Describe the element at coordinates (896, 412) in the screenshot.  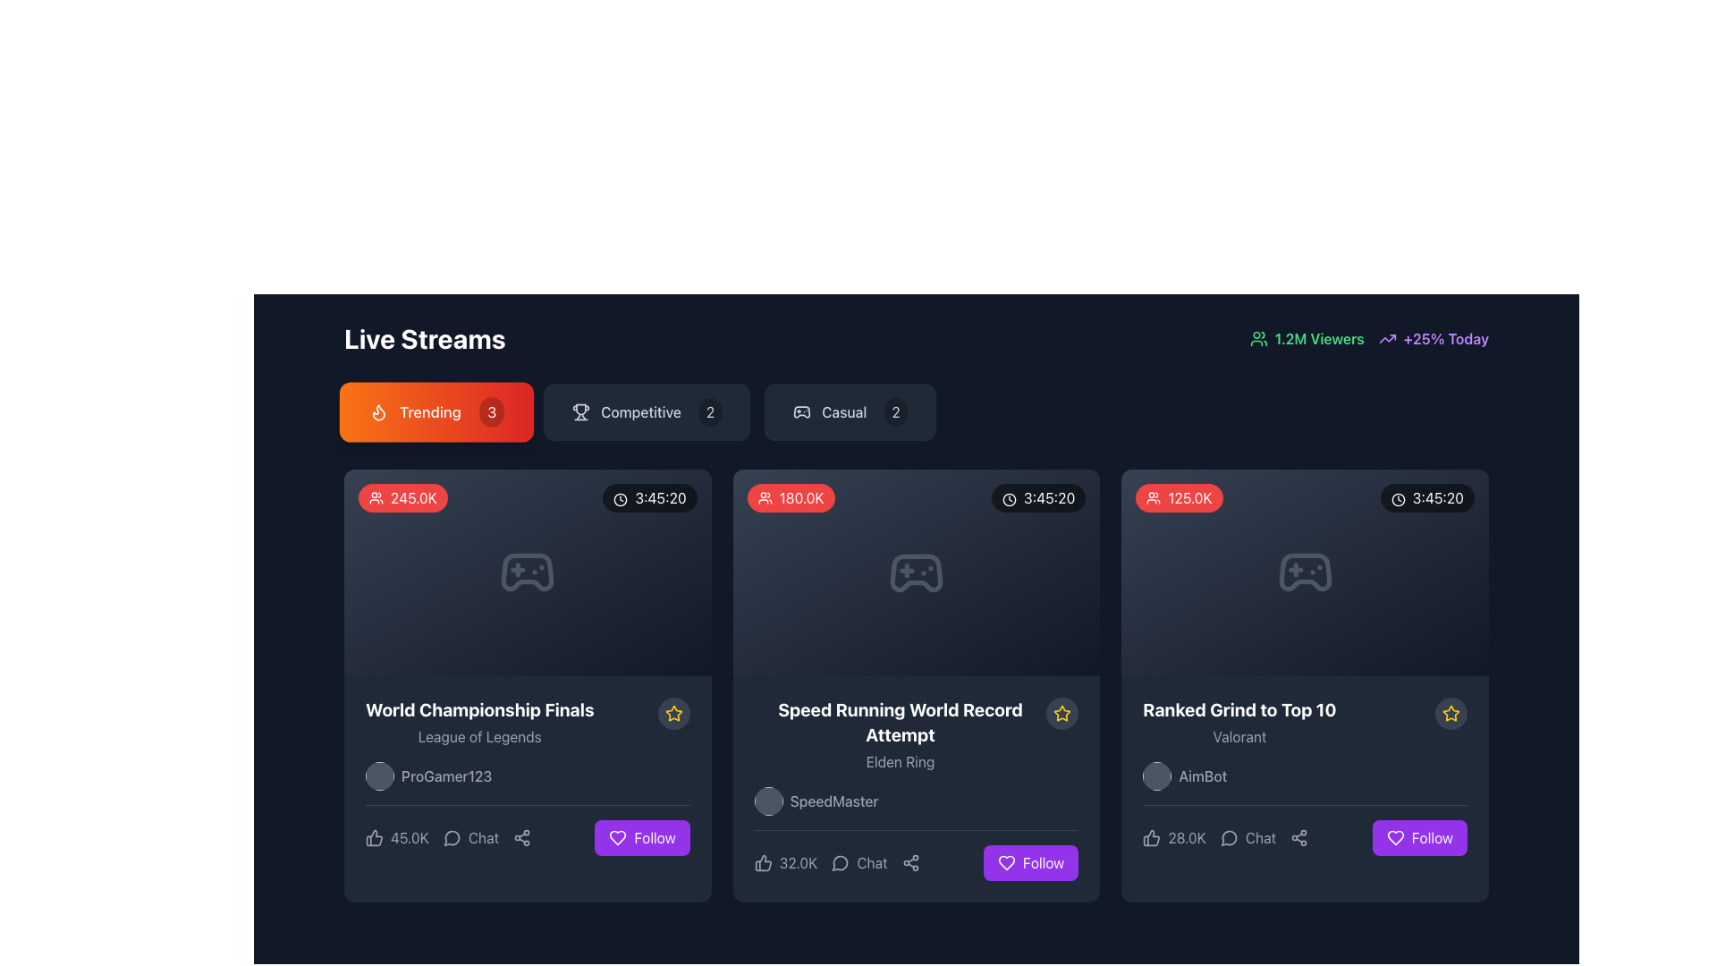
I see `the badge located at the top-right corner of the 'Casual' section` at that location.